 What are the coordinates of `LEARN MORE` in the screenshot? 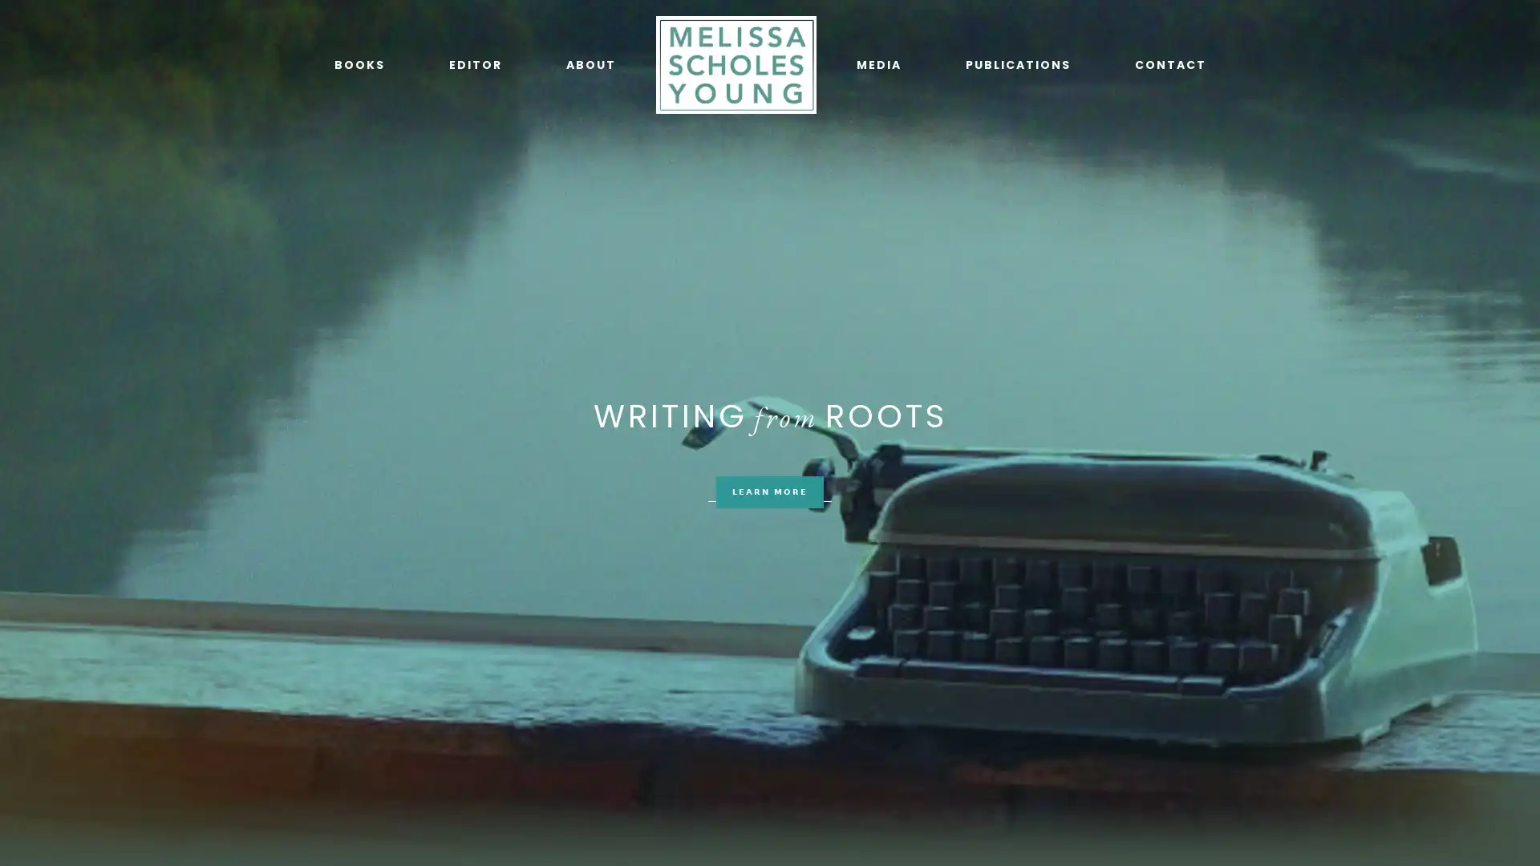 It's located at (770, 491).